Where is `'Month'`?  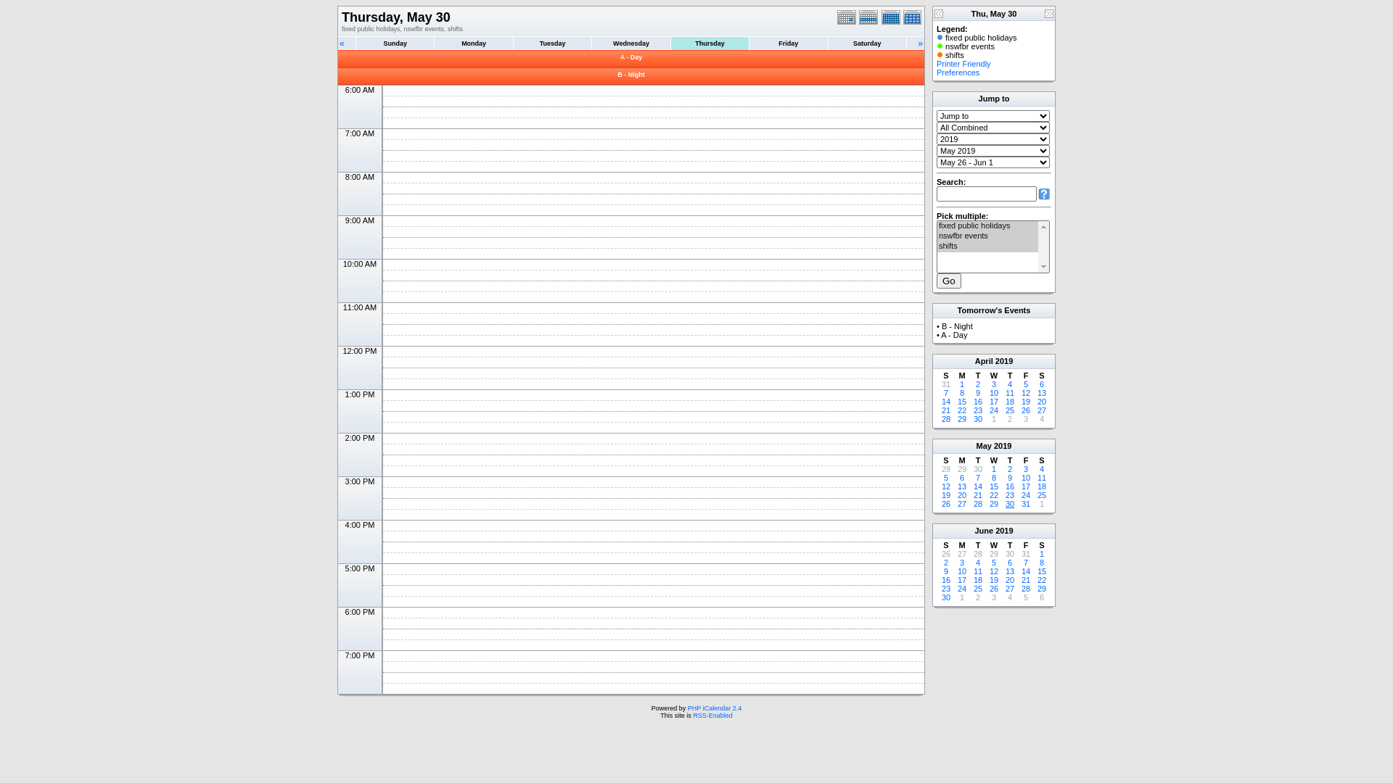
'Month' is located at coordinates (880, 17).